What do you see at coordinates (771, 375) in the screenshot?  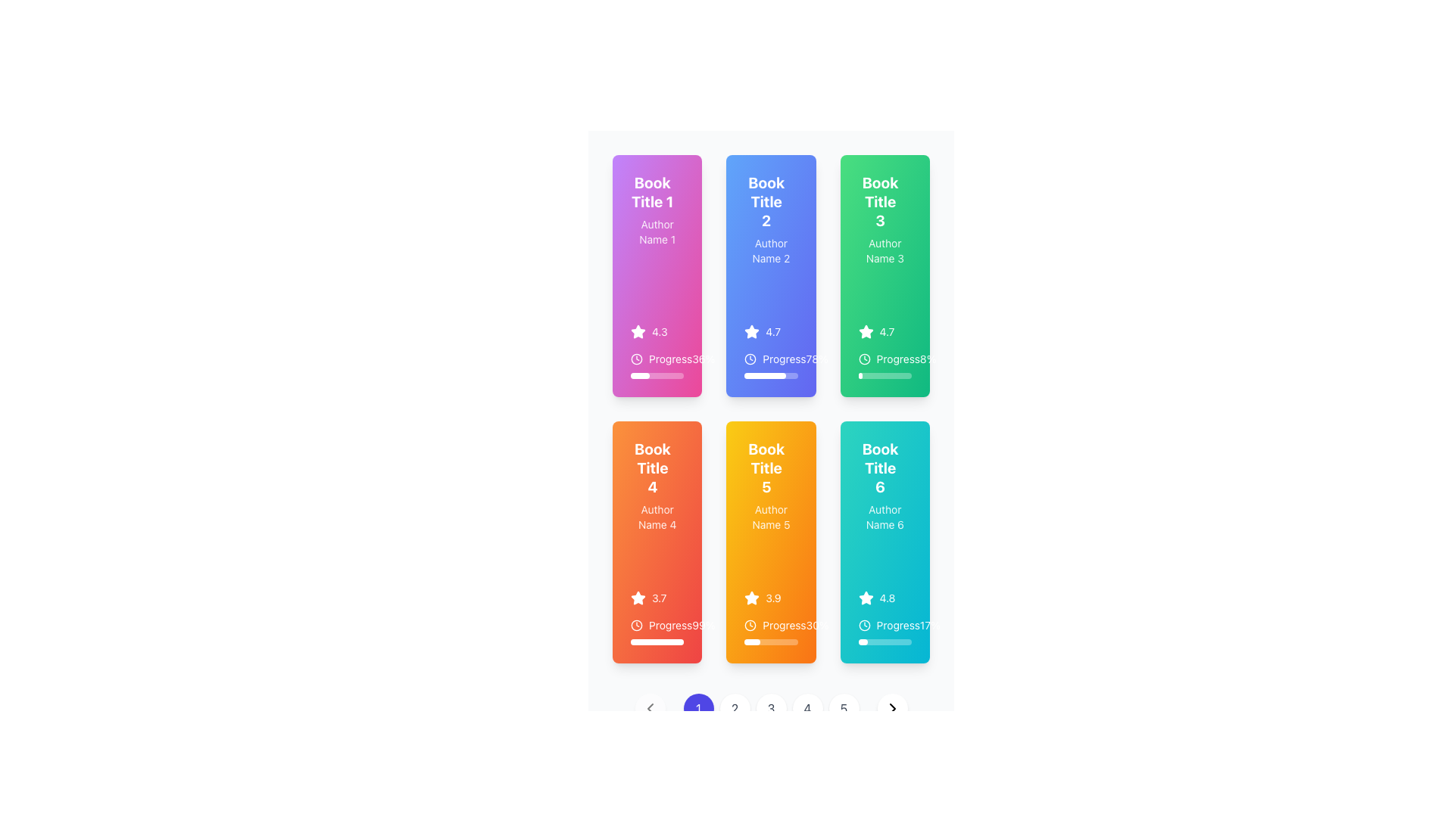 I see `the Progress Bar located below the 'Progress 78%' text and the star icon indicating a rating of 4.7 within the card for 'Book Title 2'` at bounding box center [771, 375].